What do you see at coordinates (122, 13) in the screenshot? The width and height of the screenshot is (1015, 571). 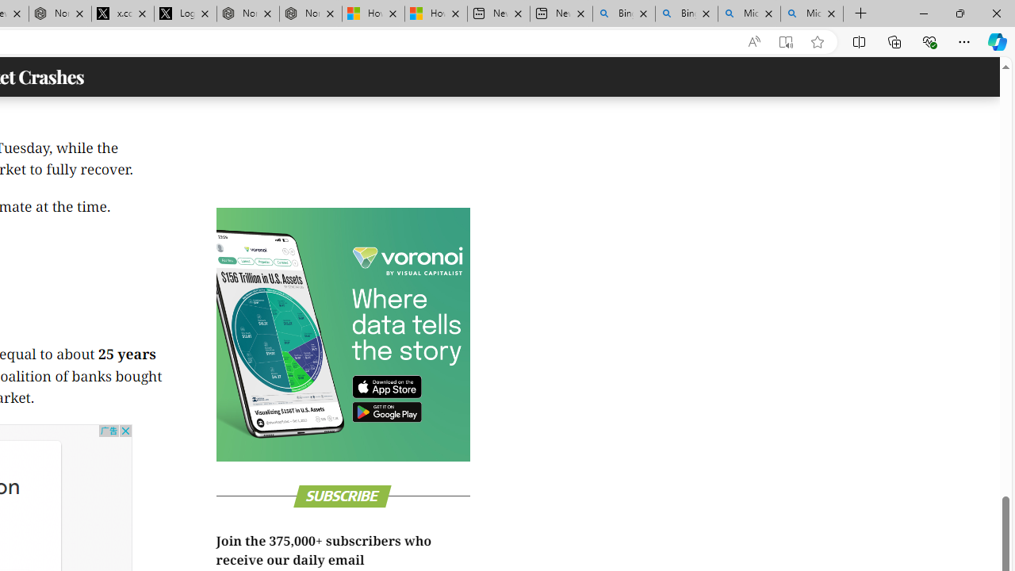 I see `'x.com/NordaceOfficial'` at bounding box center [122, 13].